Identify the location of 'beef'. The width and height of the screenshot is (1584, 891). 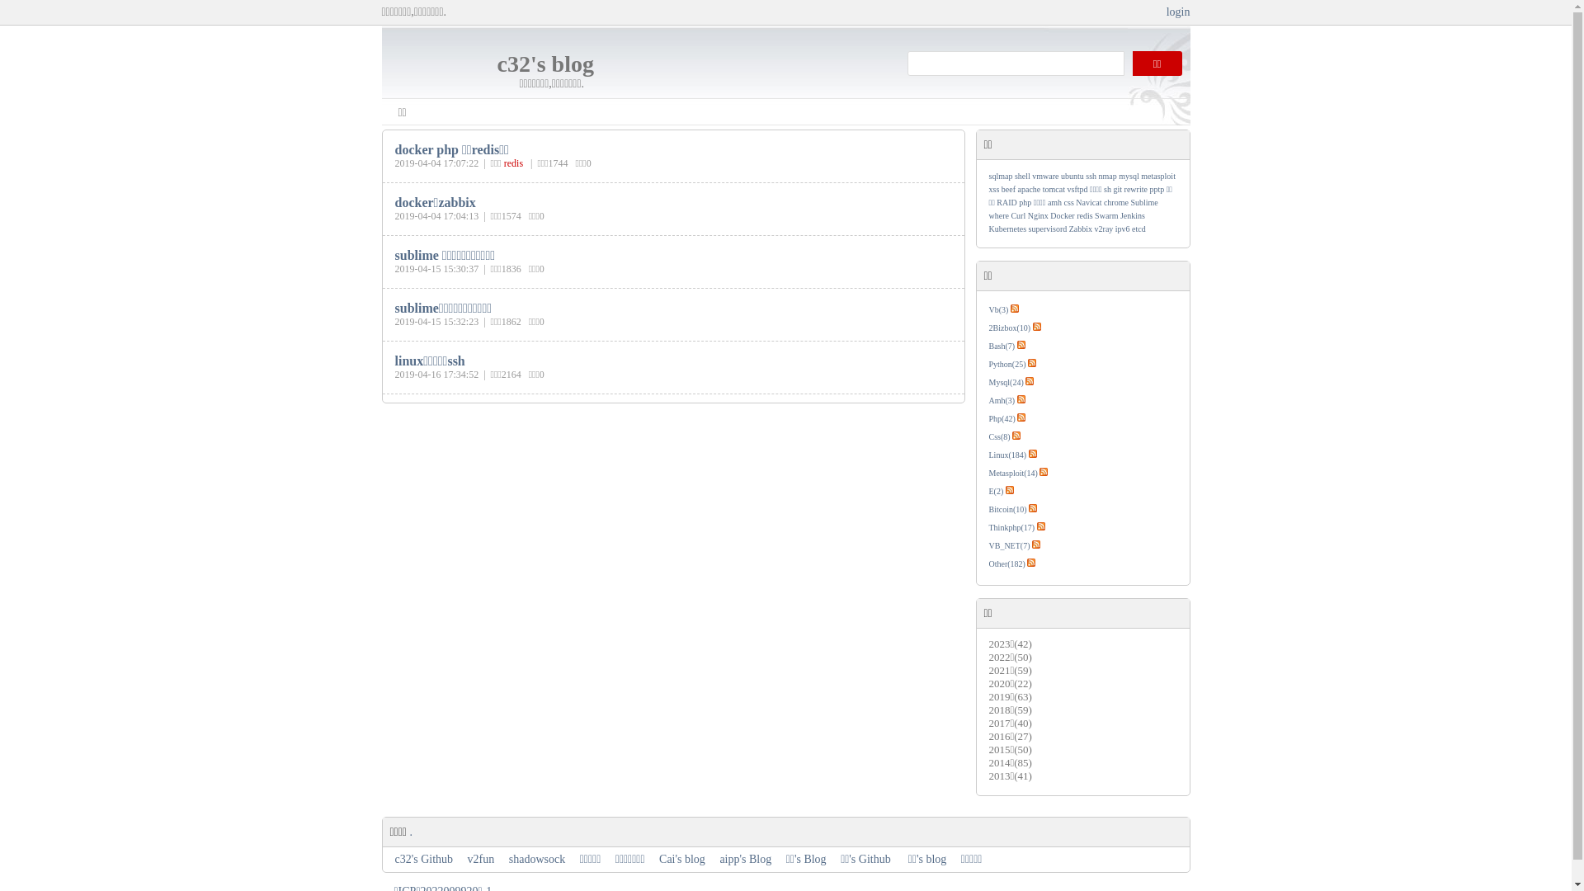
(1001, 188).